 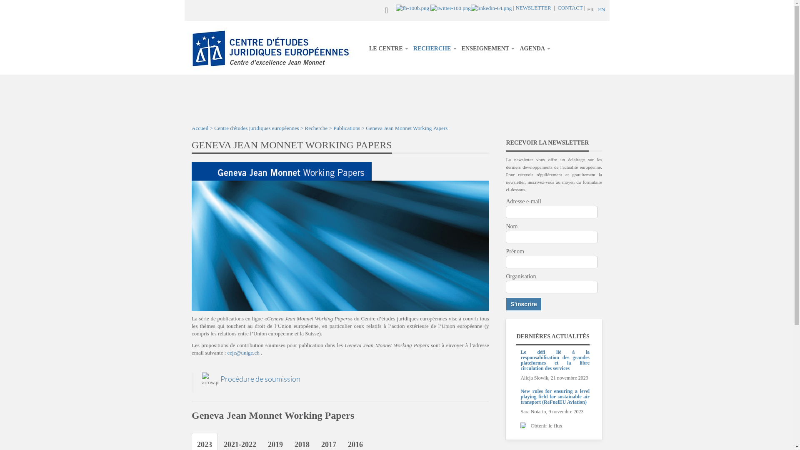 I want to click on 'AGENDA', so click(x=535, y=48).